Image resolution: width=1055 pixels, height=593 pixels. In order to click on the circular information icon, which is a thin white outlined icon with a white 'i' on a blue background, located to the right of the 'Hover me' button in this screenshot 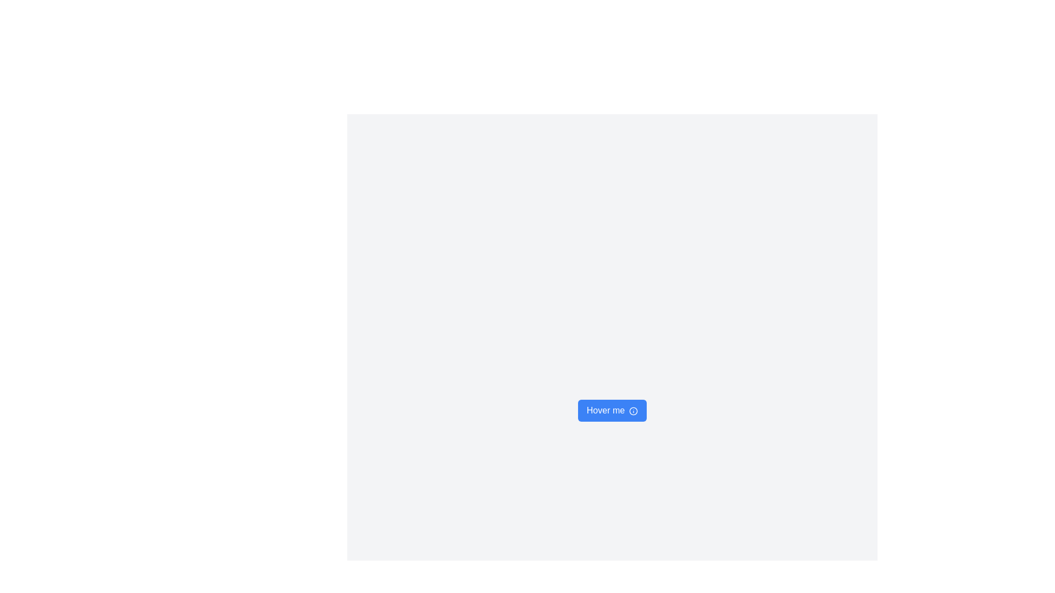, I will do `click(634, 411)`.